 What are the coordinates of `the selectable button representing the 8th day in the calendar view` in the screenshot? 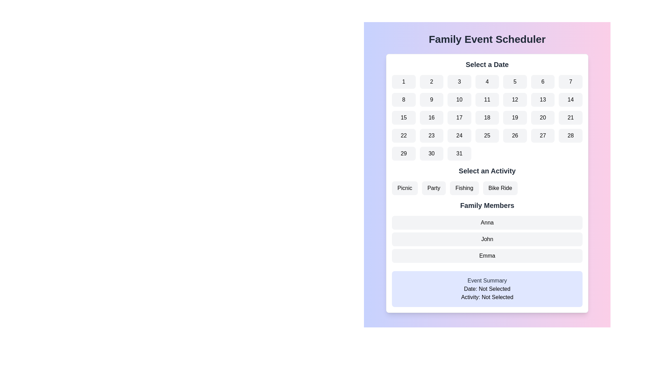 It's located at (404, 100).